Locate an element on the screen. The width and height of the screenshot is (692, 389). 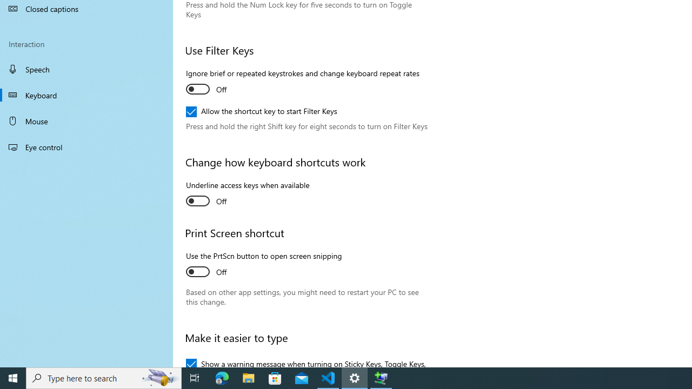
'Eye control' is located at coordinates (86, 146).